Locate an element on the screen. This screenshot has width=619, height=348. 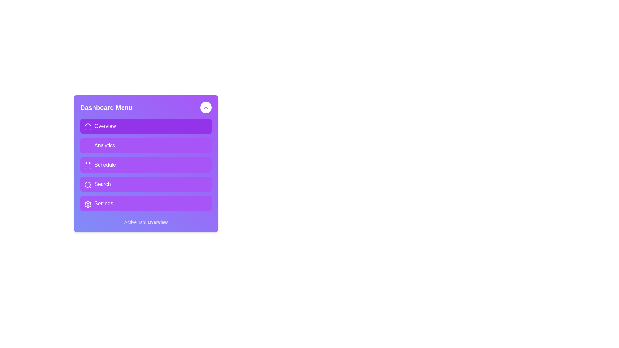
the text label 'Settings' in the navigation menu, which is styled with white text on a purple background and is the last item in the menu is located at coordinates (103, 204).